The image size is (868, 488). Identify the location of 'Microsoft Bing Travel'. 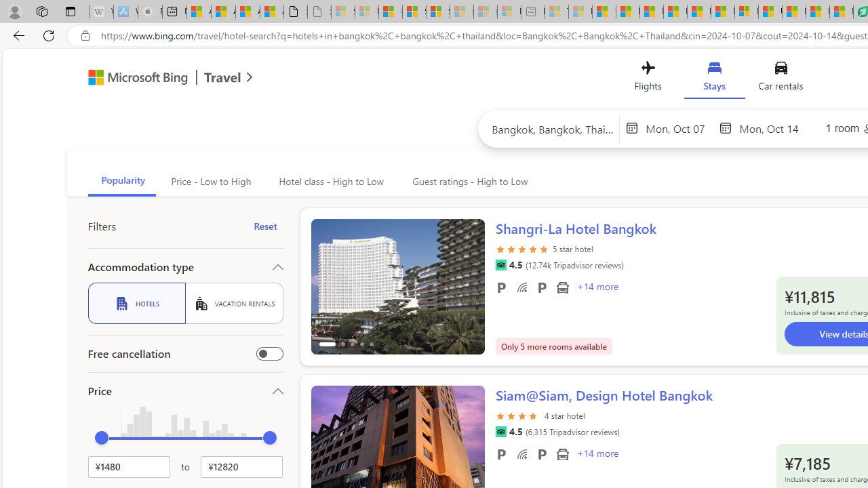
(156, 79).